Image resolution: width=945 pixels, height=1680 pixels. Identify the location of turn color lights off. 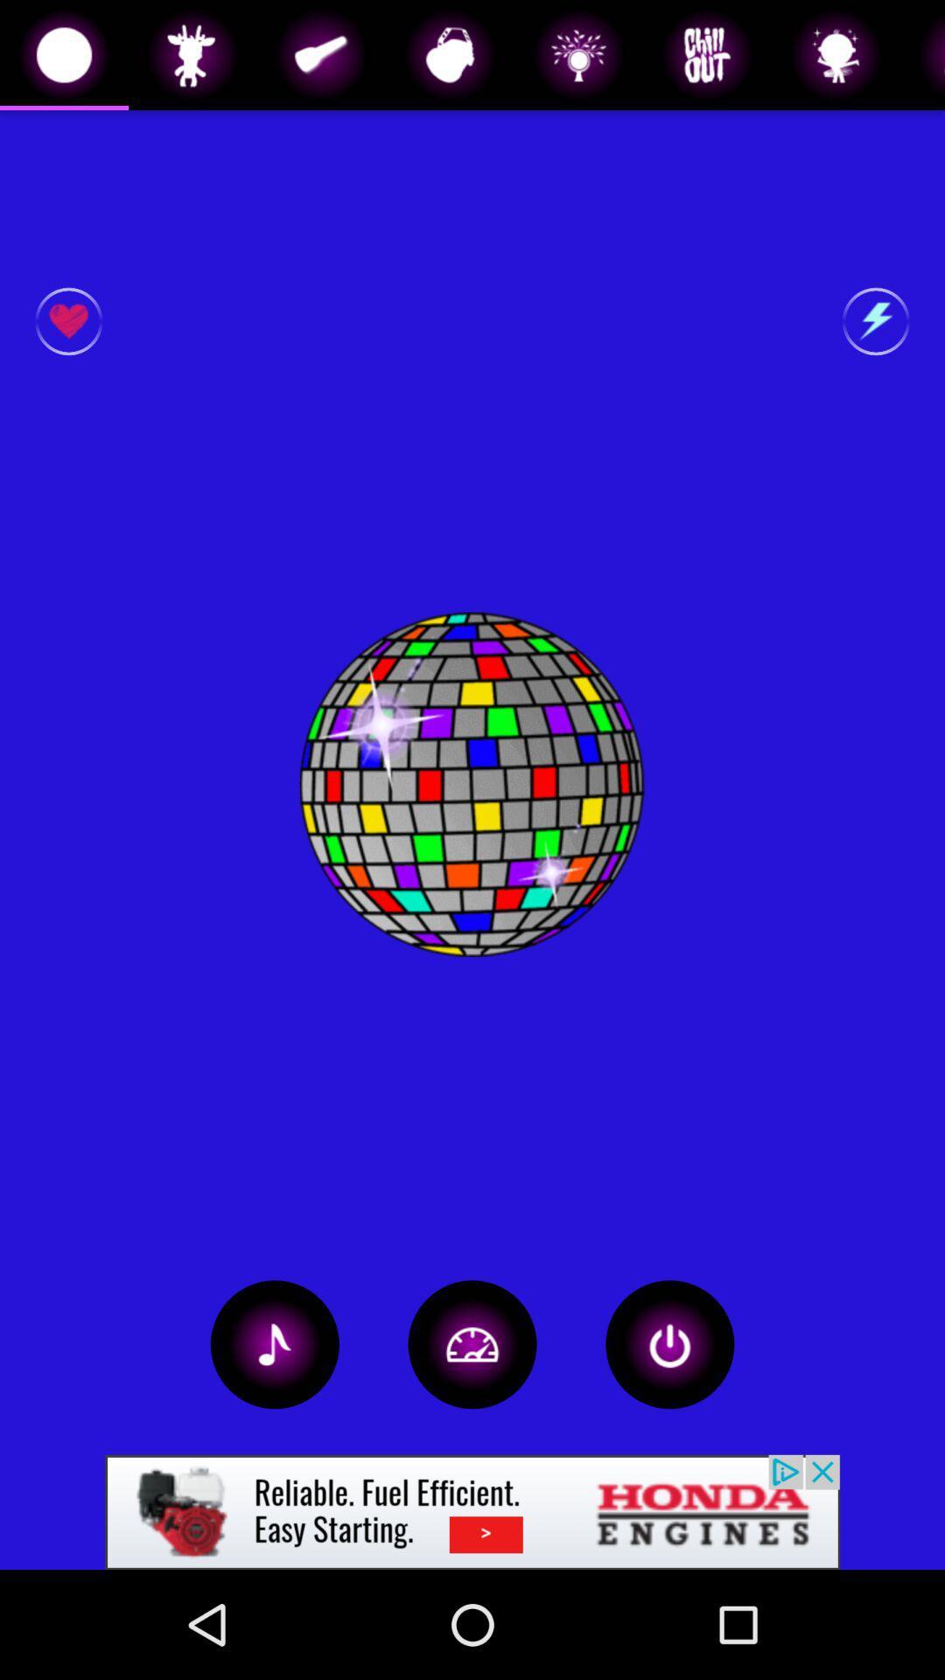
(669, 1343).